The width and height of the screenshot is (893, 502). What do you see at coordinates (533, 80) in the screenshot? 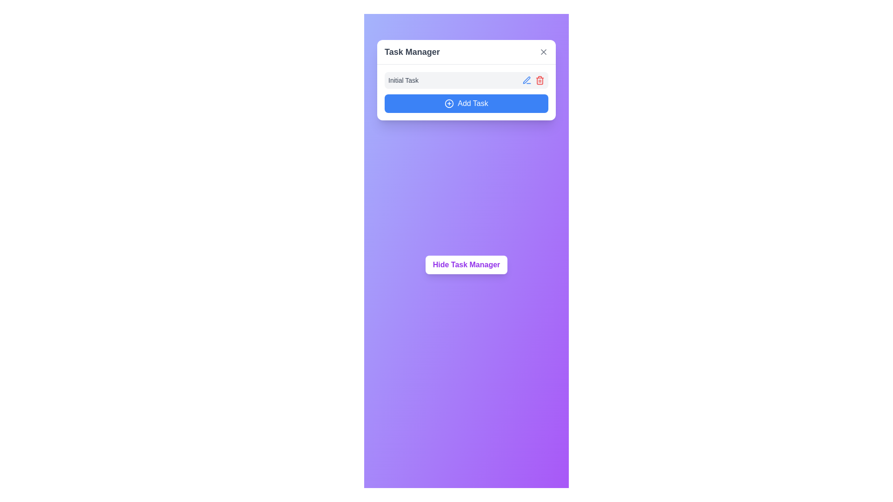
I see `the action buttons/icons grouping located in the top-right corner of the 'Initial Task' box in the Task Manager interface` at bounding box center [533, 80].